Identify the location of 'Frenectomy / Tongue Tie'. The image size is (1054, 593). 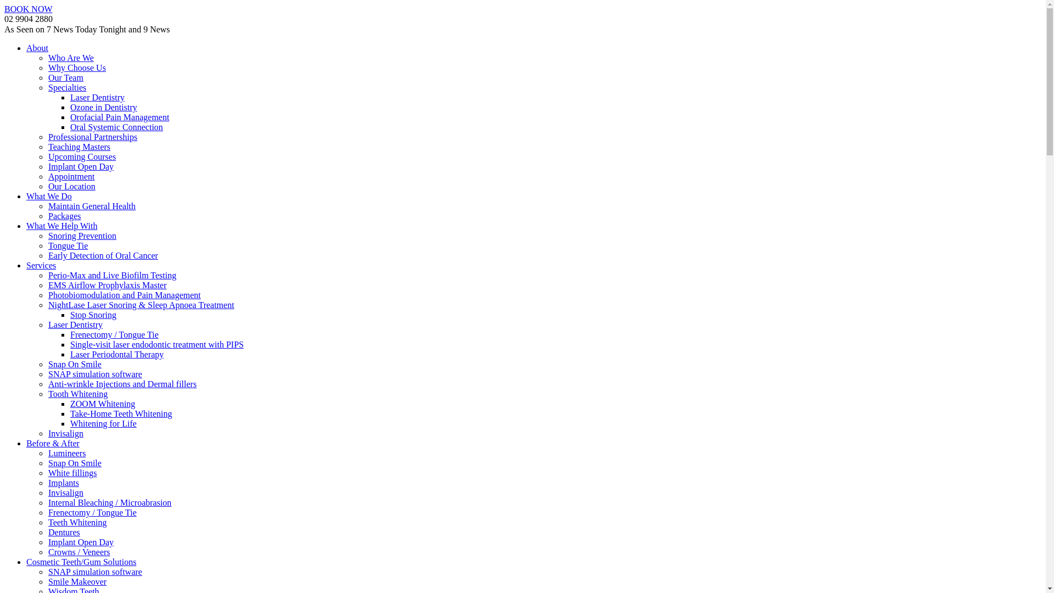
(114, 334).